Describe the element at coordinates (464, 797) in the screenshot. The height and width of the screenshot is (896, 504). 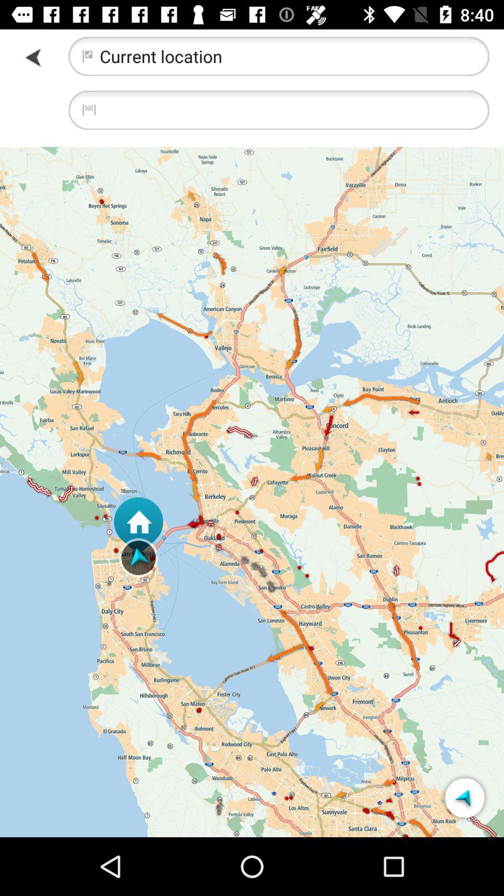
I see `the icon at the bottom right corner` at that location.